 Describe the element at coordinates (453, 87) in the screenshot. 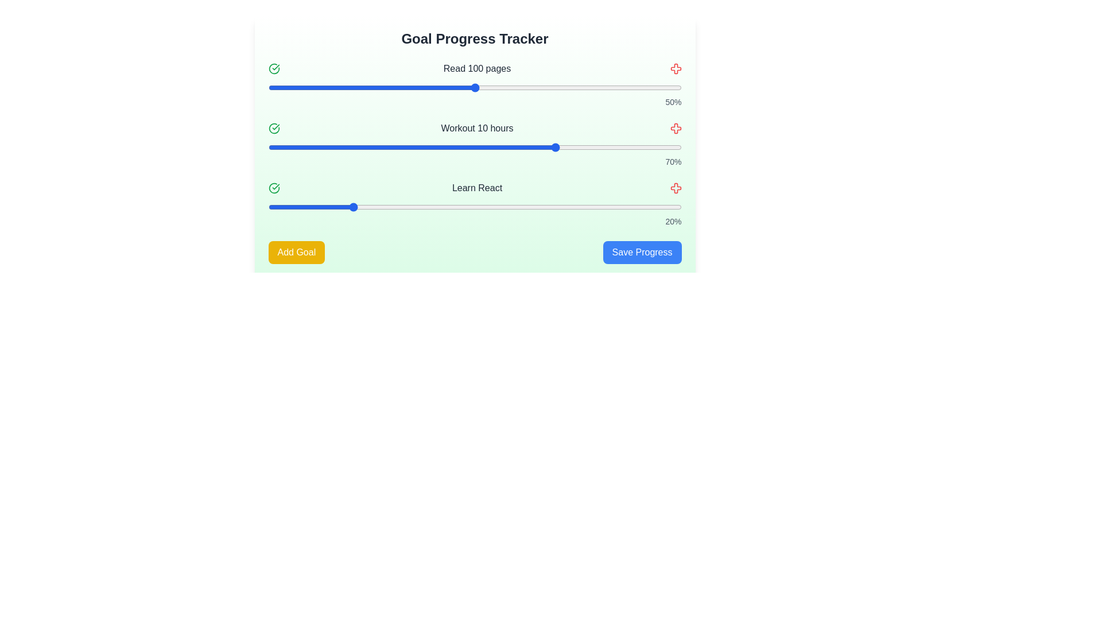

I see `the progress slider for the goal 'Read 100 pages' to 45%` at that location.